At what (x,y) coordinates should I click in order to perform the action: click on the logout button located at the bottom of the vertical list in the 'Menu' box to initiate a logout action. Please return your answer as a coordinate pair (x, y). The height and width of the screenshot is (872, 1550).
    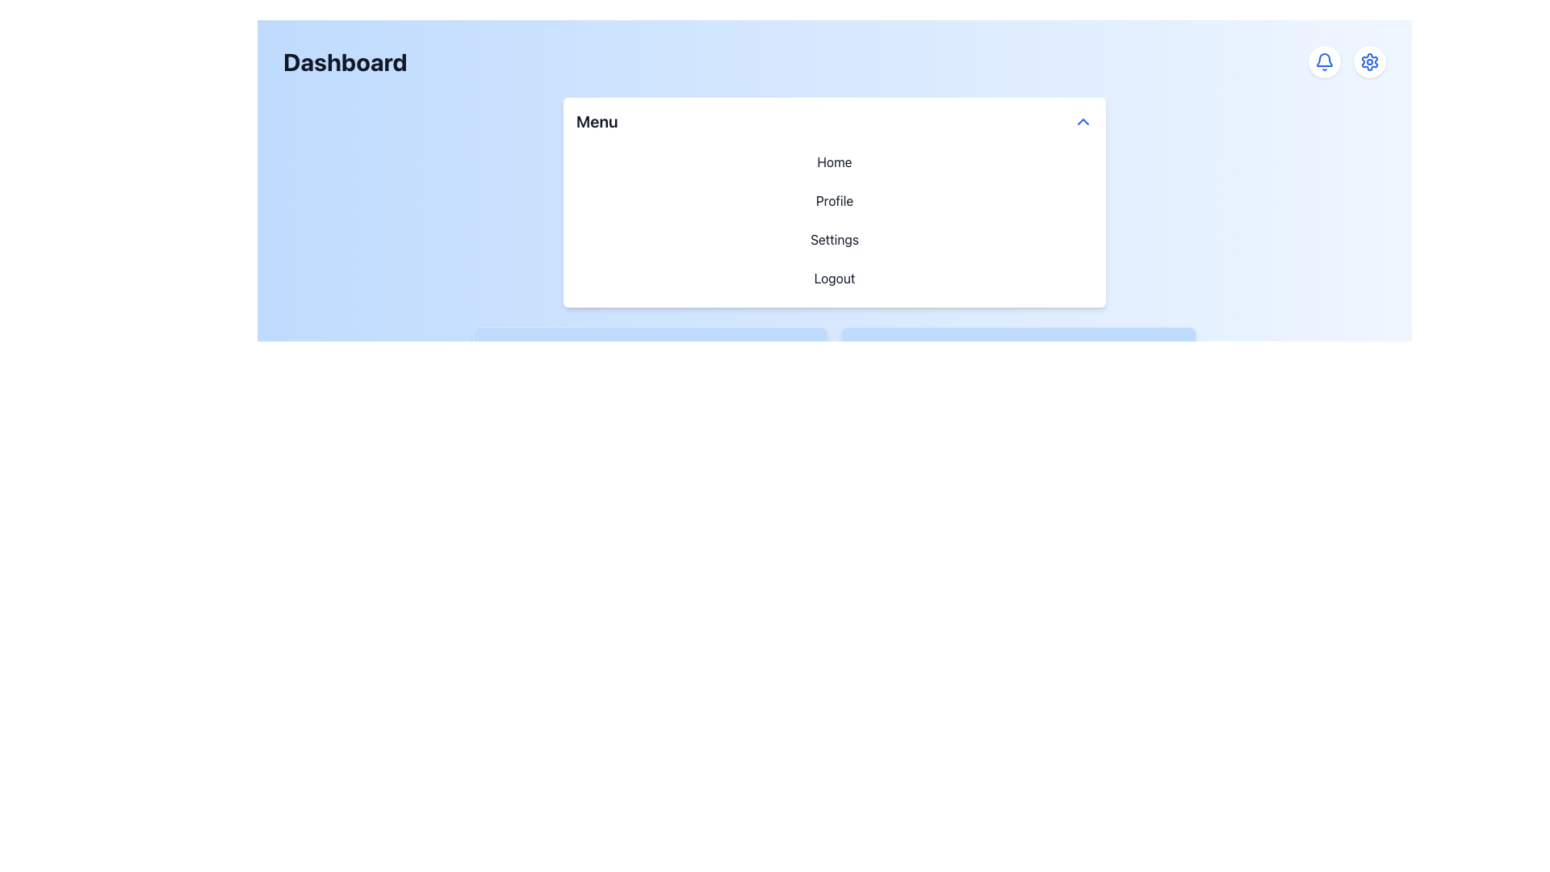
    Looking at the image, I should click on (834, 277).